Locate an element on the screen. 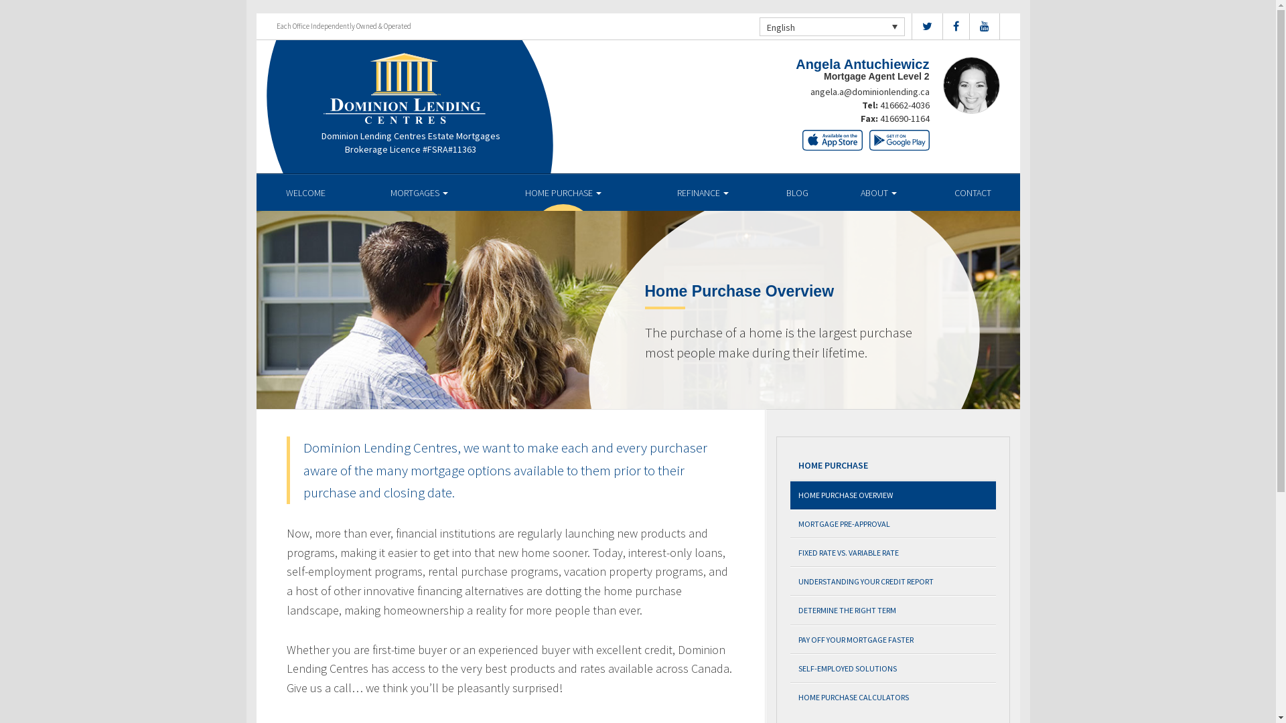 This screenshot has width=1286, height=723. 'HOME PURCHASE OVERVIEW' is located at coordinates (893, 495).